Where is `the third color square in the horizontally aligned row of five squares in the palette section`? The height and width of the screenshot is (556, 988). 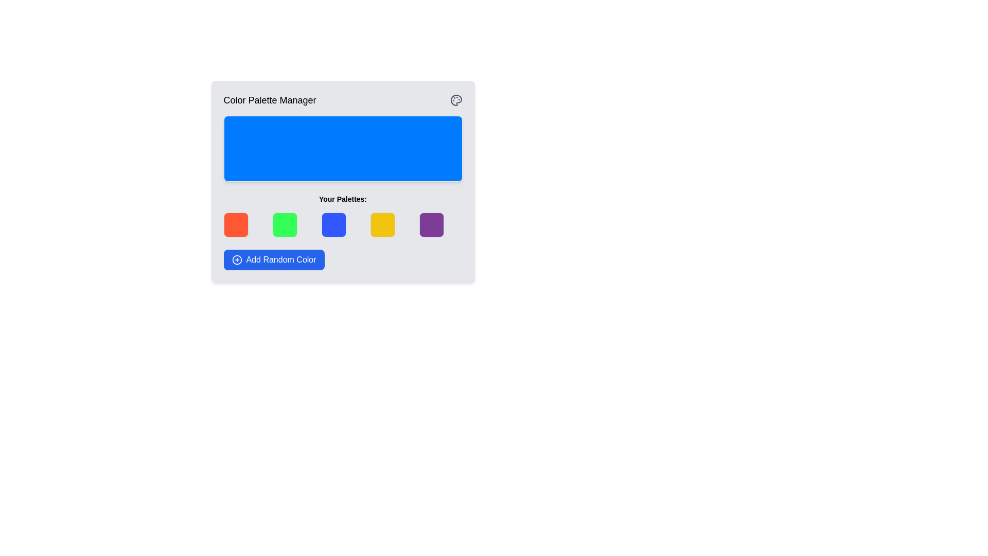 the third color square in the horizontally aligned row of five squares in the palette section is located at coordinates (333, 224).